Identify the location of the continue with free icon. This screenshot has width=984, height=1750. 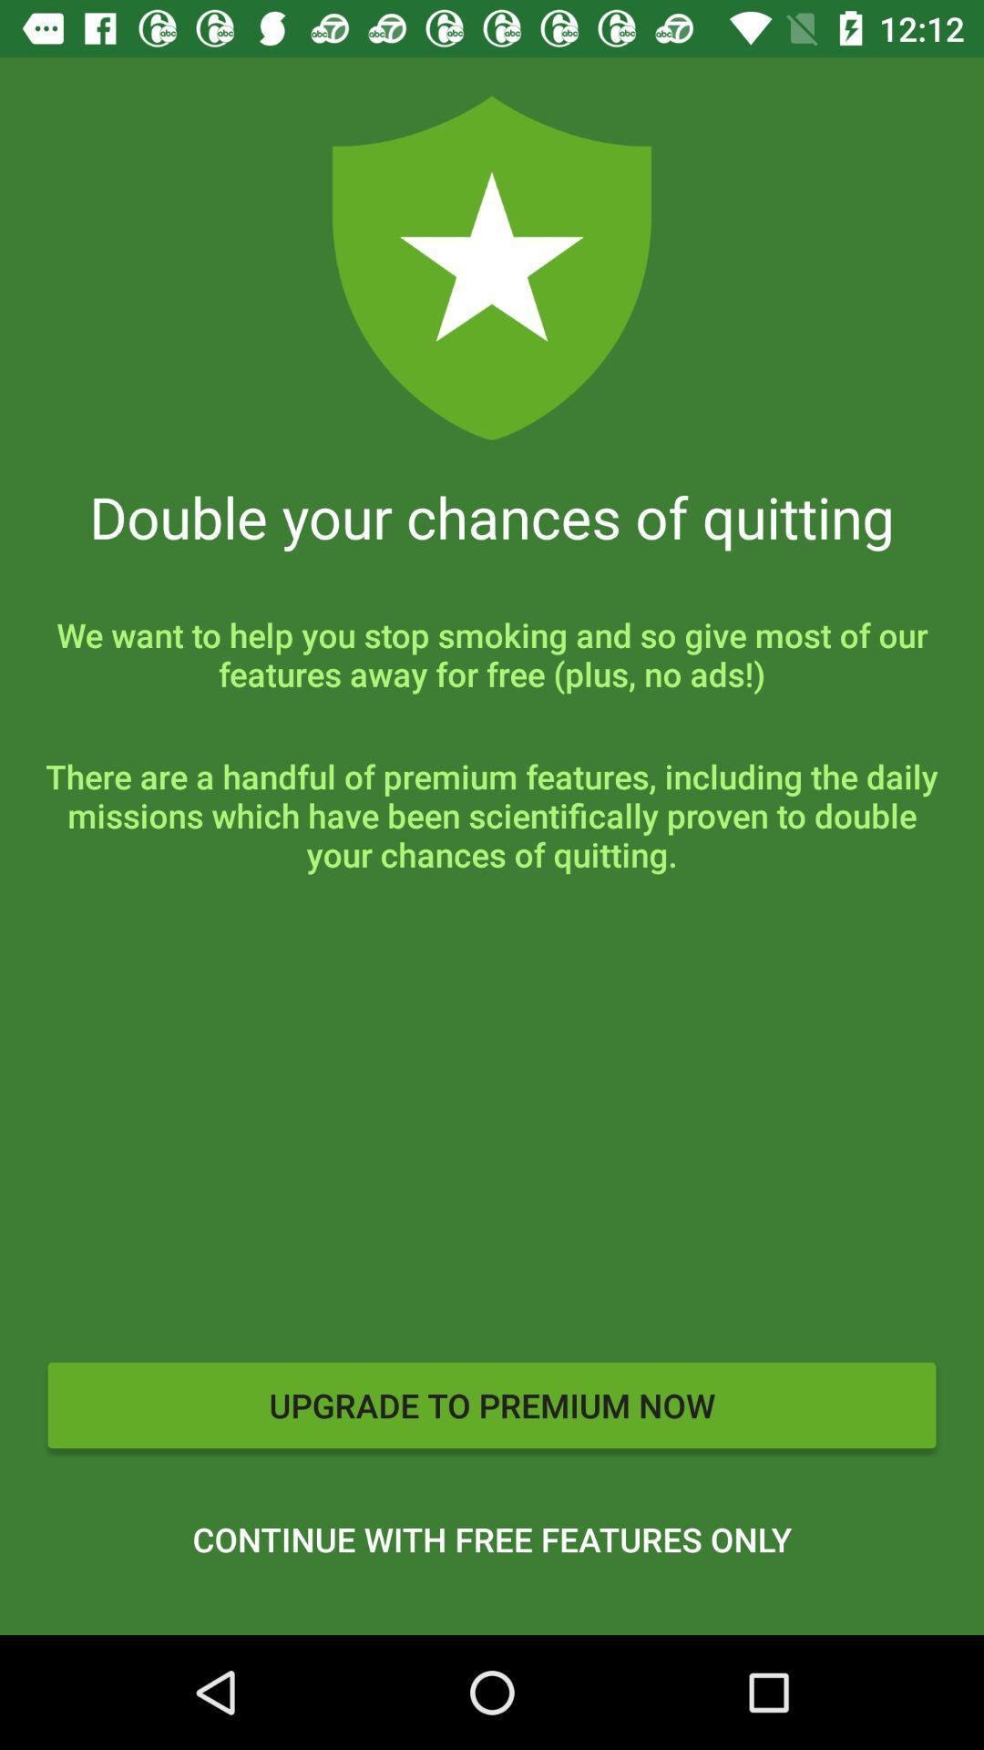
(492, 1539).